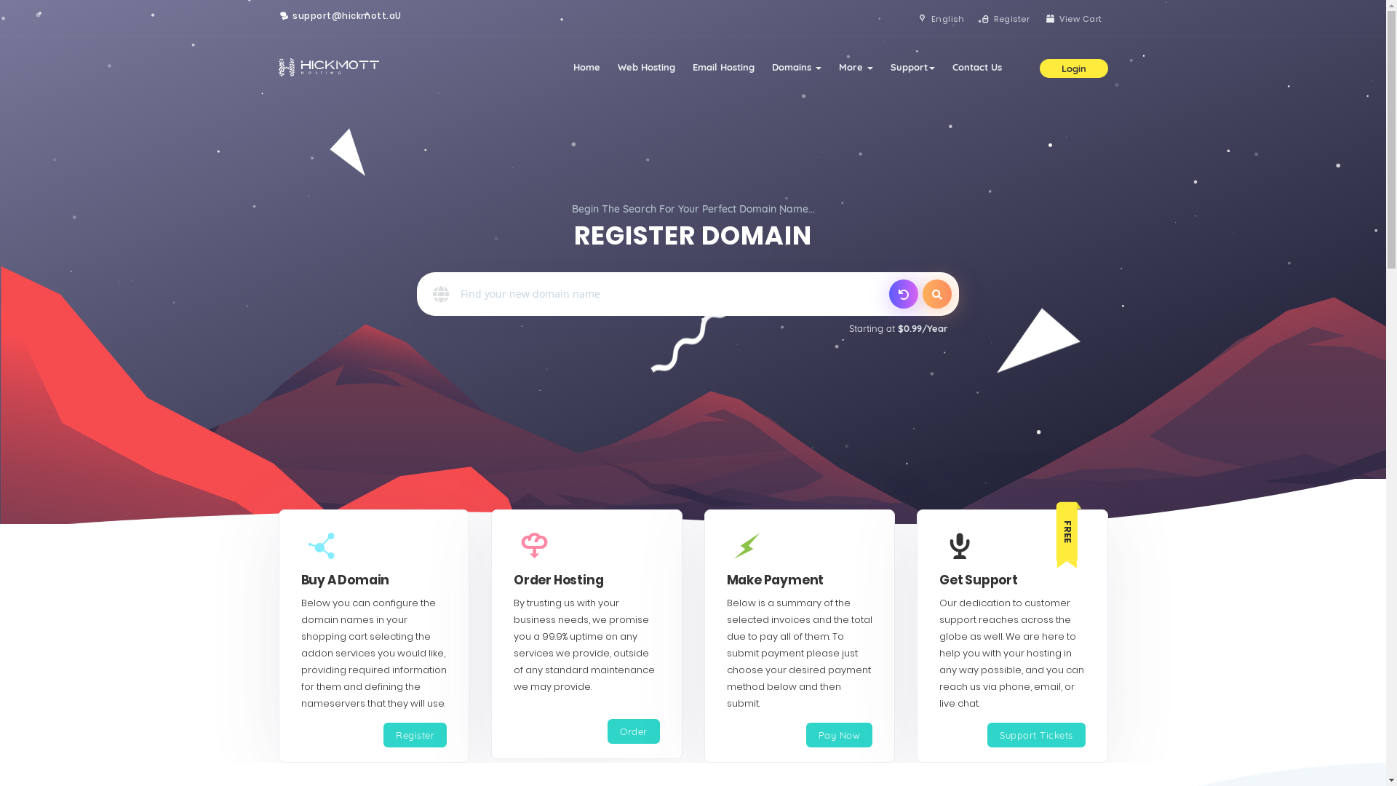  I want to click on 'Domains', so click(795, 67).